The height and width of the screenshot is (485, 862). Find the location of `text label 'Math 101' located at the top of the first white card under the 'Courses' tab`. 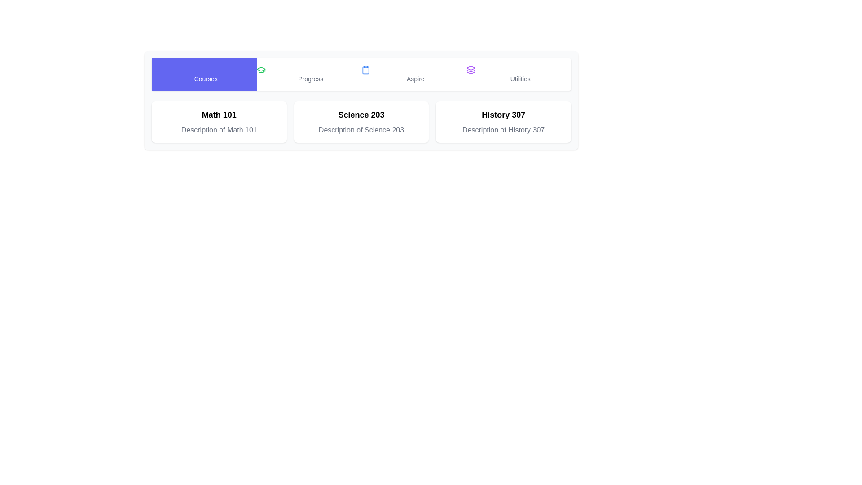

text label 'Math 101' located at the top of the first white card under the 'Courses' tab is located at coordinates (219, 114).